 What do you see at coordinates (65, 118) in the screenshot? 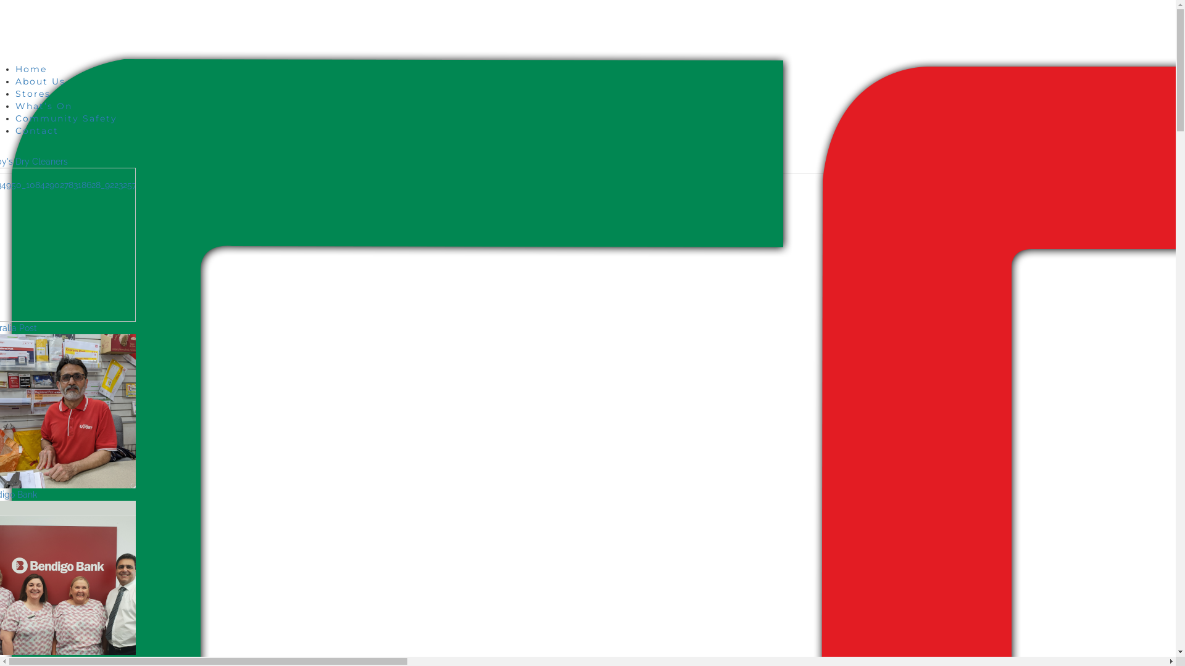
I see `'Community Safety'` at bounding box center [65, 118].